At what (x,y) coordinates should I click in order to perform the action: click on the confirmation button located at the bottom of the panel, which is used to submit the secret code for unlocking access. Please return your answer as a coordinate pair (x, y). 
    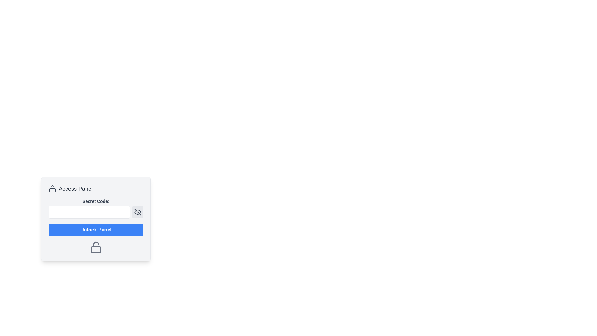
    Looking at the image, I should click on (95, 230).